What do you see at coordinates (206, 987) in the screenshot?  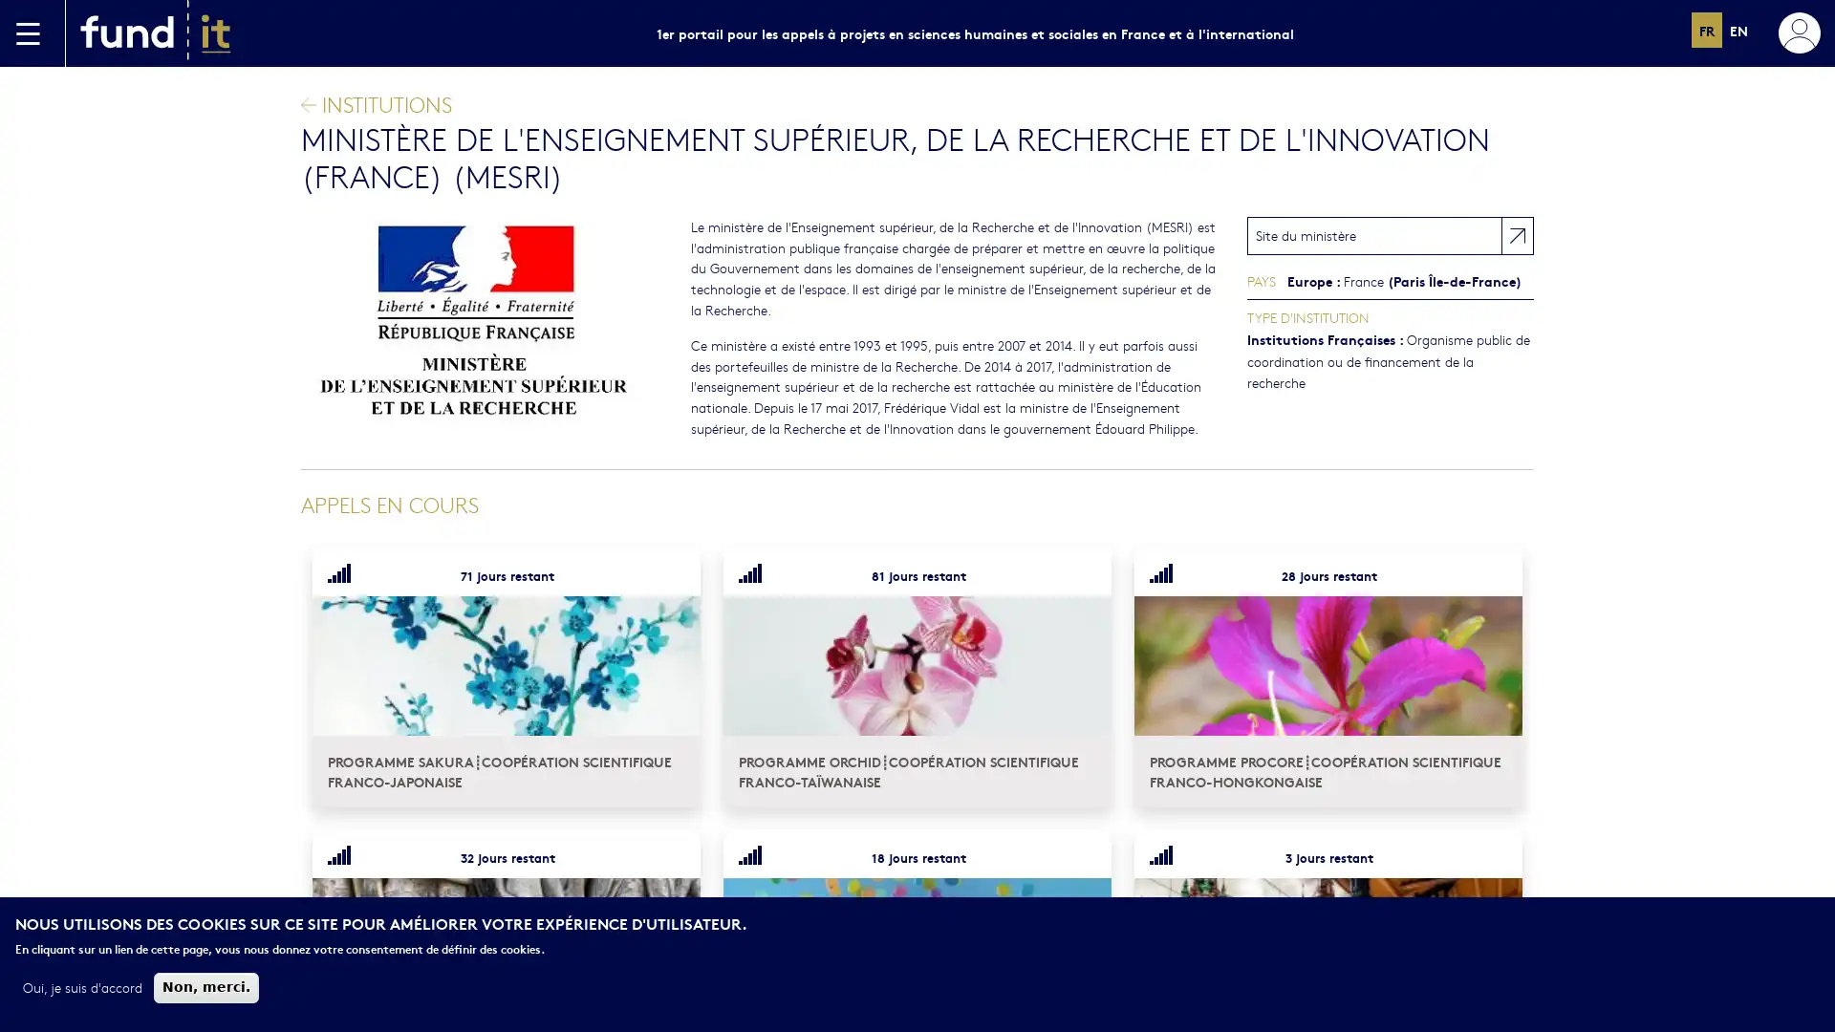 I see `Non, merci.` at bounding box center [206, 987].